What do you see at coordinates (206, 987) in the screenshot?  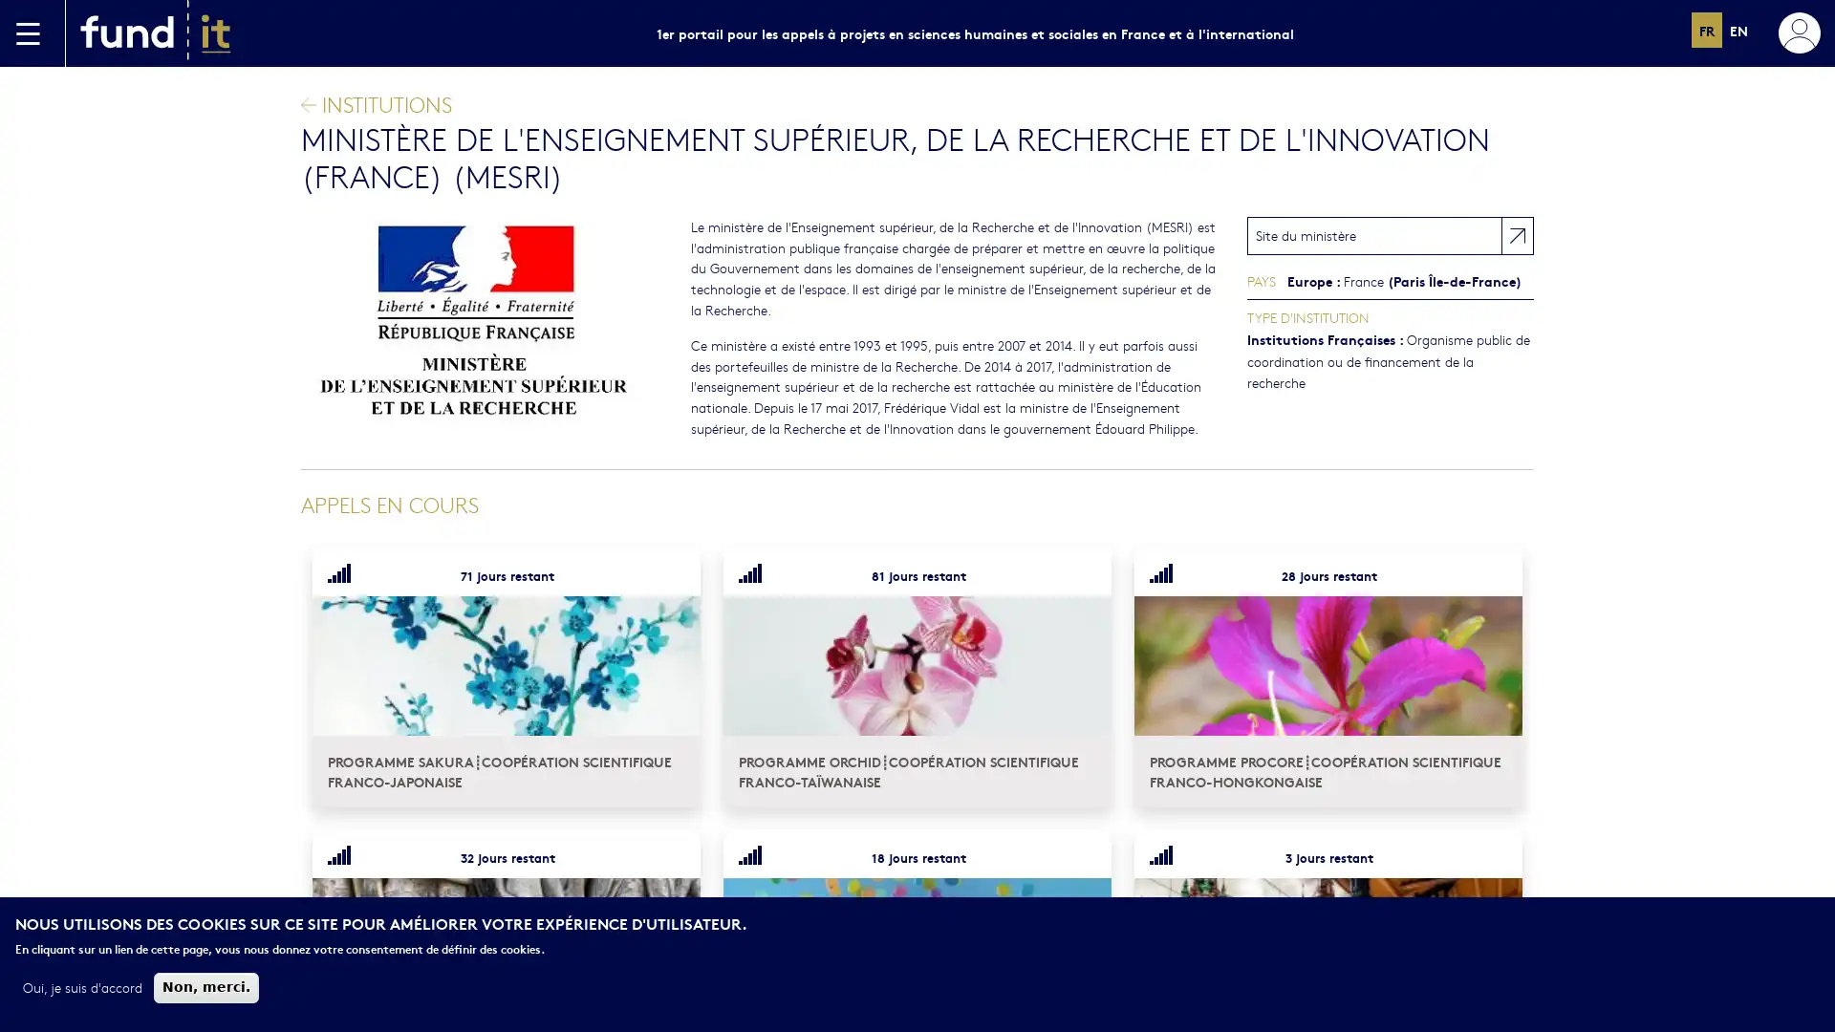 I see `Non, merci.` at bounding box center [206, 987].